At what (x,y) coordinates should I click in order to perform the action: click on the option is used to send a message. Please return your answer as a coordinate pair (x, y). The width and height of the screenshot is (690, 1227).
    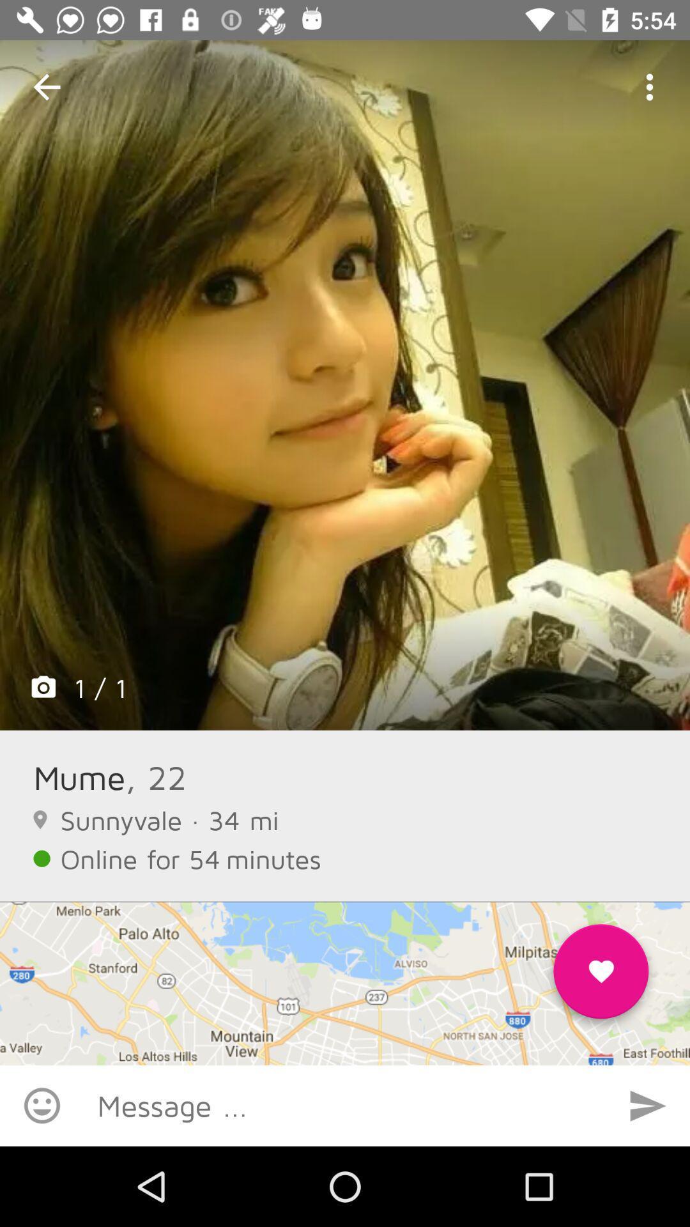
    Looking at the image, I should click on (648, 1105).